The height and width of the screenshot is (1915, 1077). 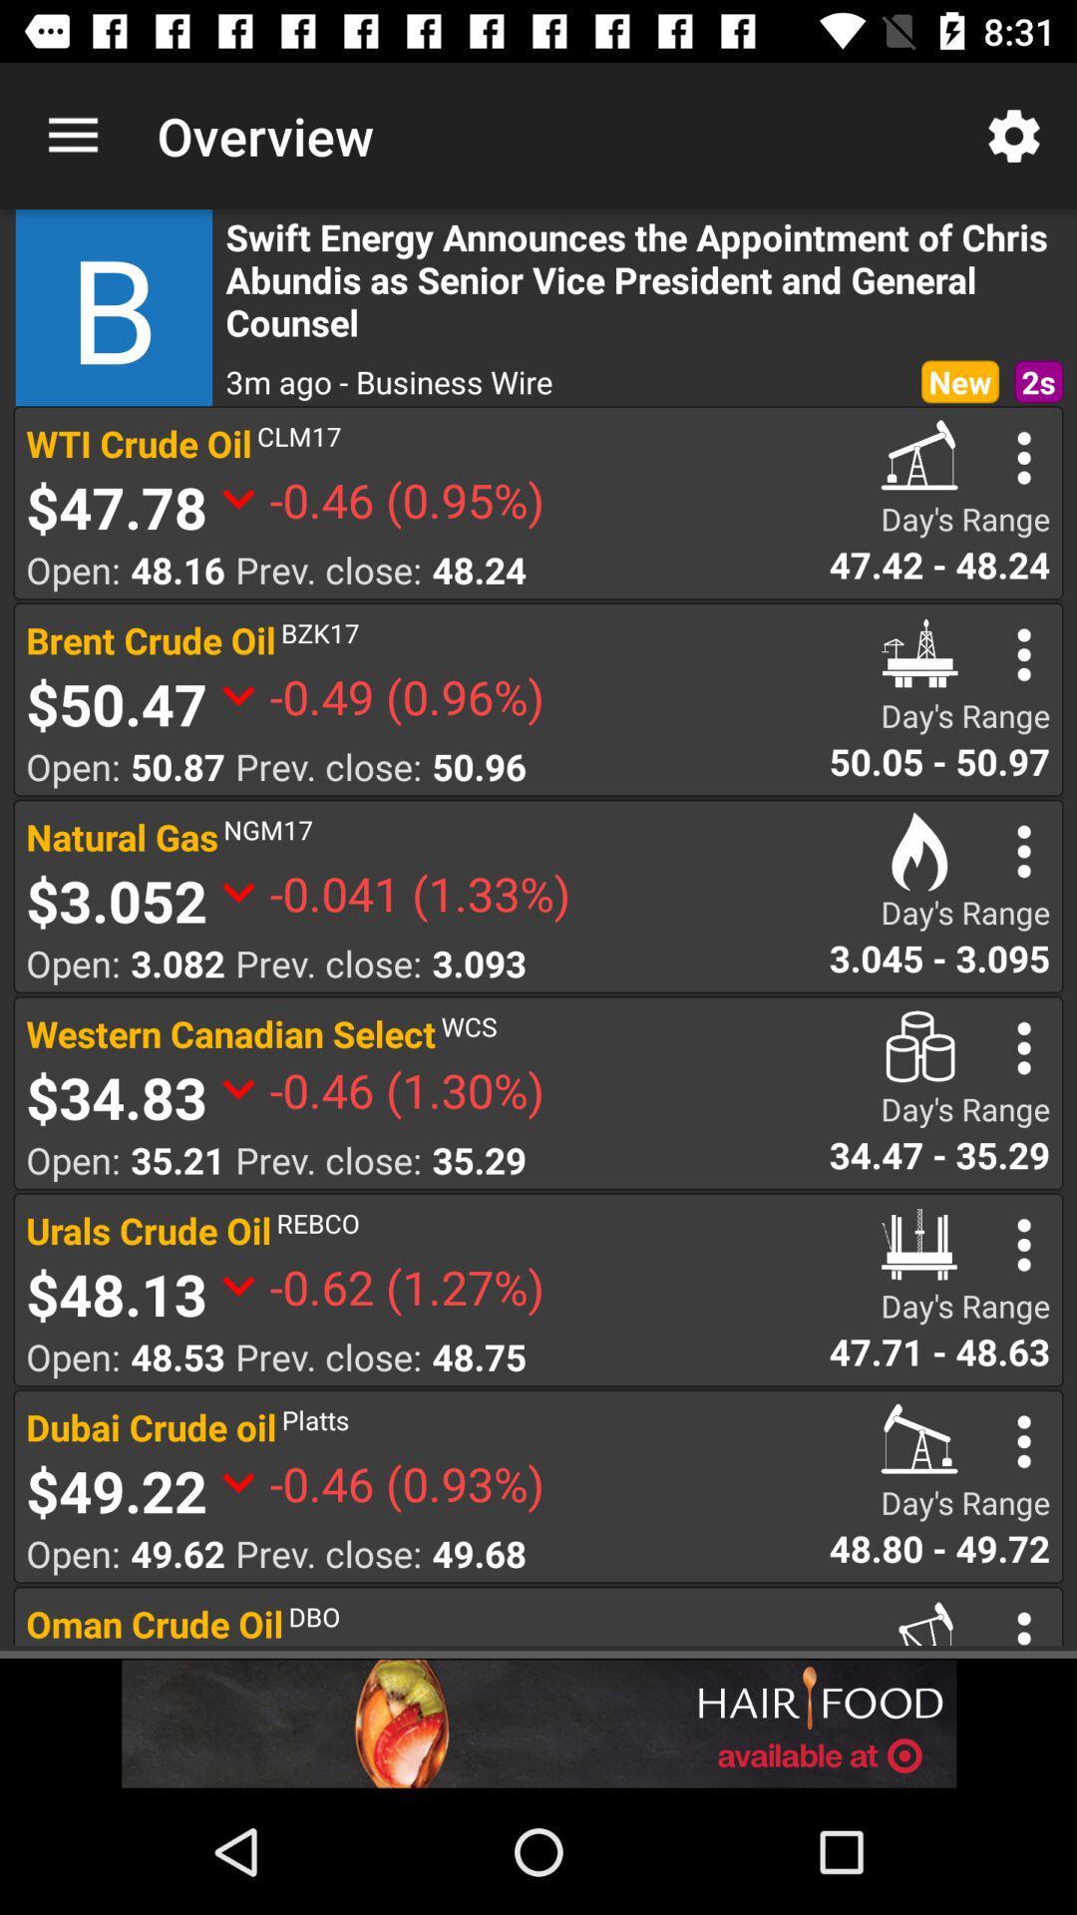 I want to click on options, so click(x=1024, y=1047).